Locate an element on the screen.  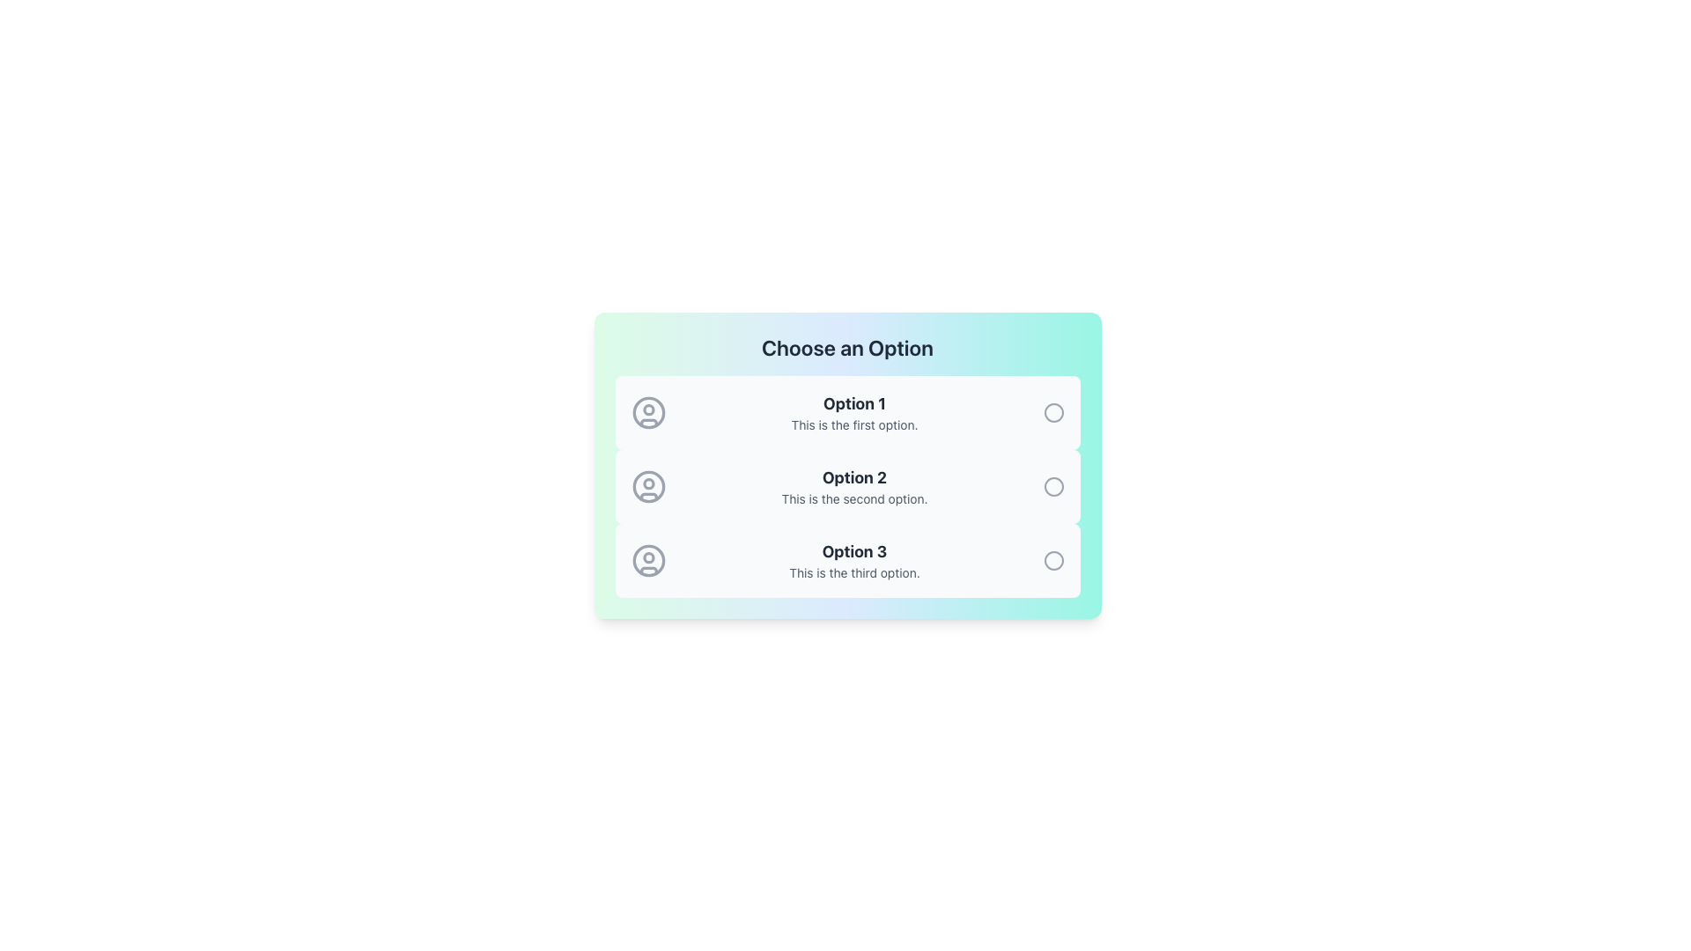
the circular outline element located in the middle of the lower part of the user icon, which is displayed on the left of the Option 3 row is located at coordinates (647, 560).